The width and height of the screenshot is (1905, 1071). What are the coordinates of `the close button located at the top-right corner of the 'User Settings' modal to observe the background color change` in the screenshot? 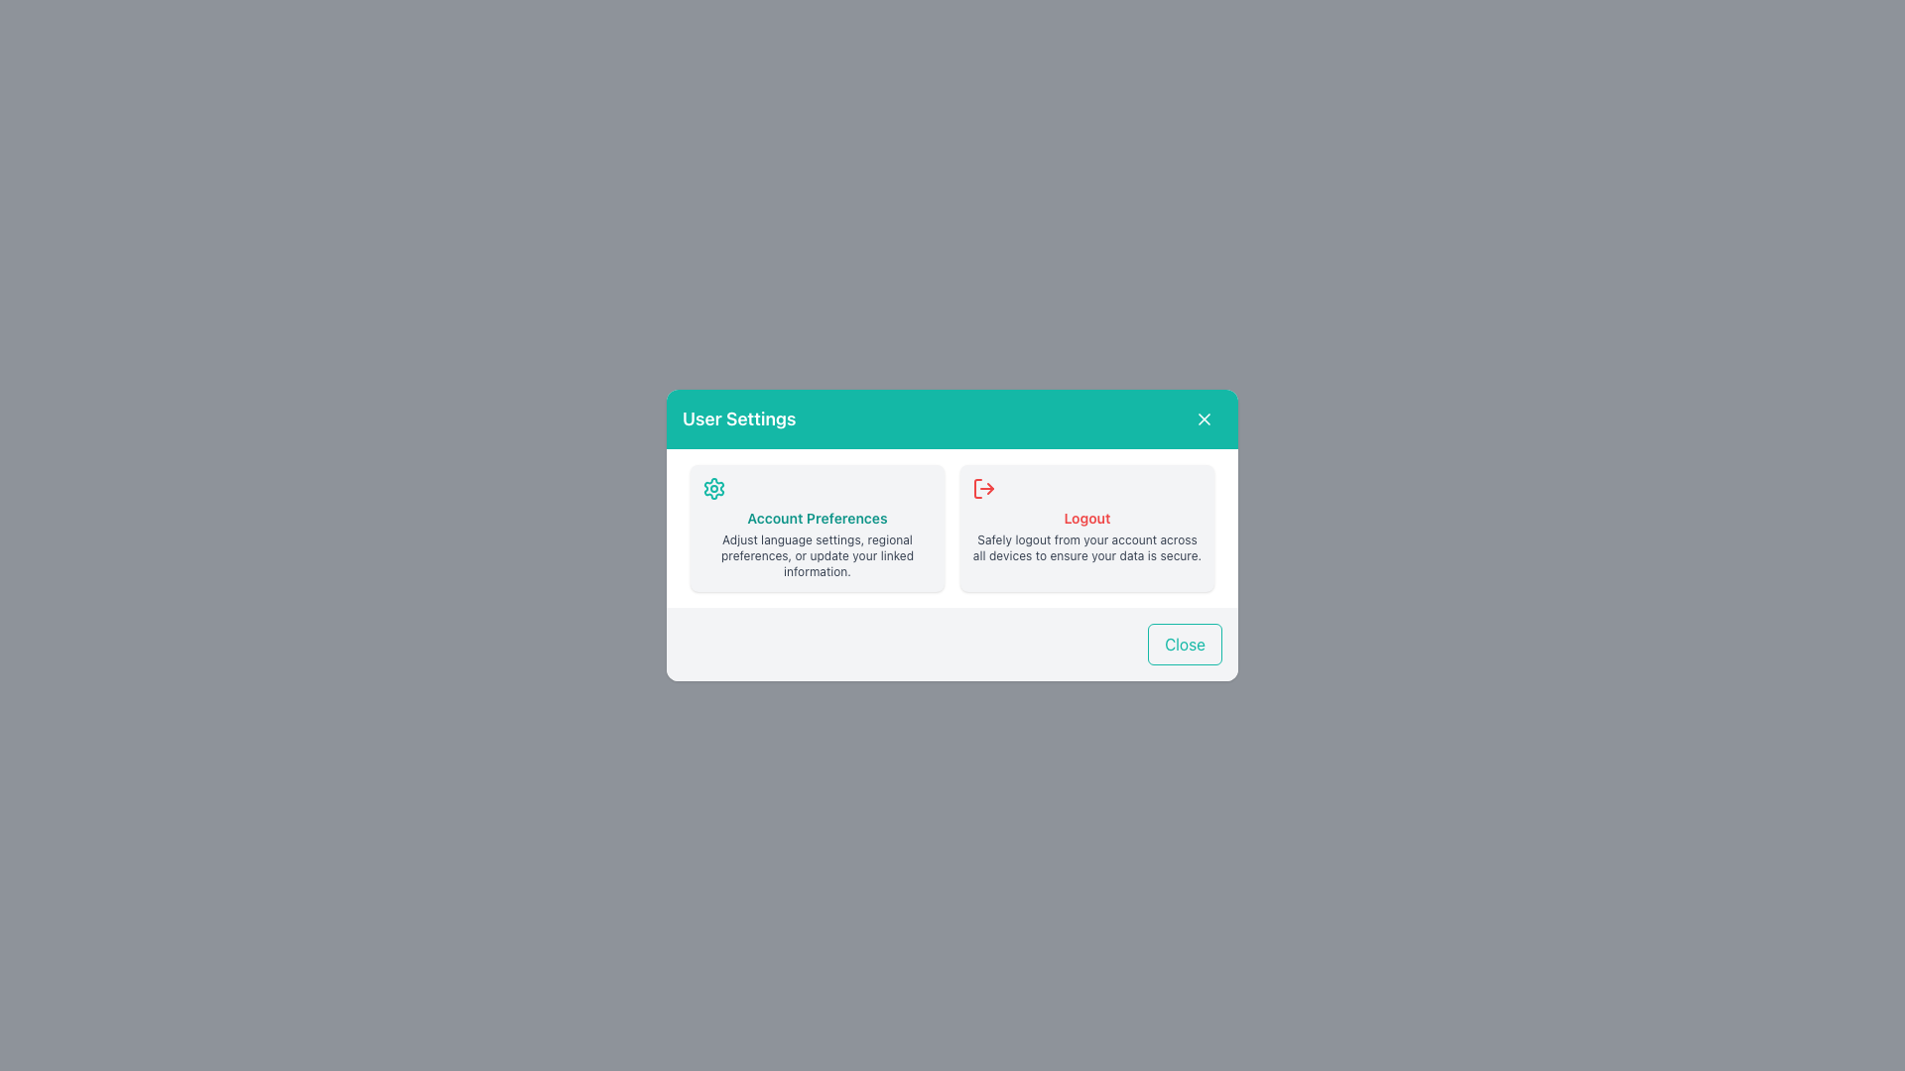 It's located at (1204, 418).